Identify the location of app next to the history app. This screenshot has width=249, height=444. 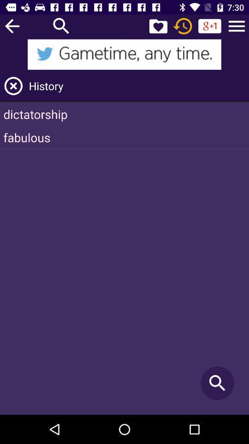
(13, 86).